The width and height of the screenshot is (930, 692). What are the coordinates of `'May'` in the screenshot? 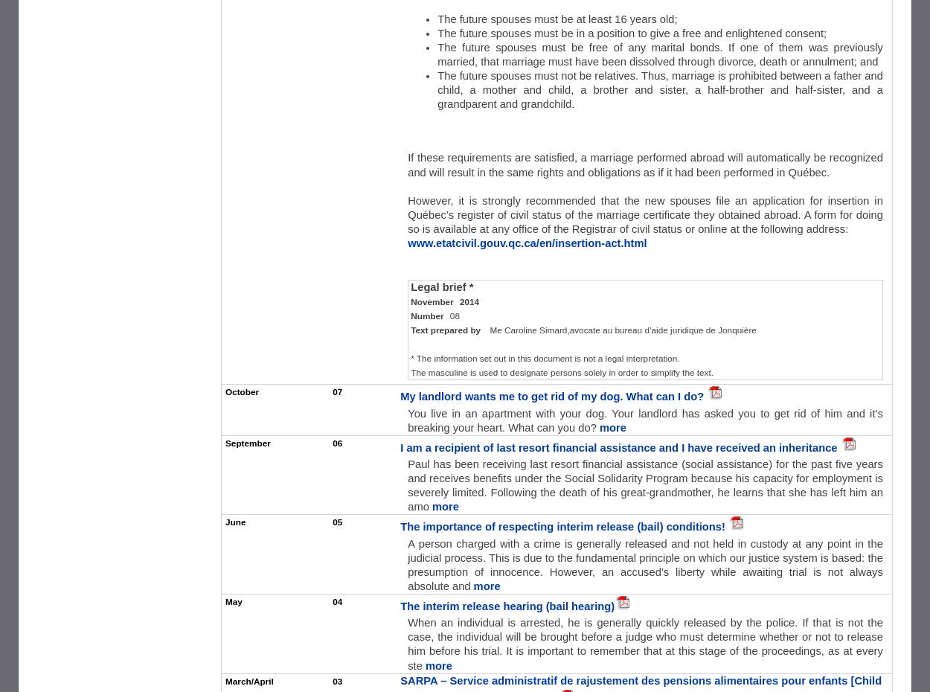 It's located at (233, 600).